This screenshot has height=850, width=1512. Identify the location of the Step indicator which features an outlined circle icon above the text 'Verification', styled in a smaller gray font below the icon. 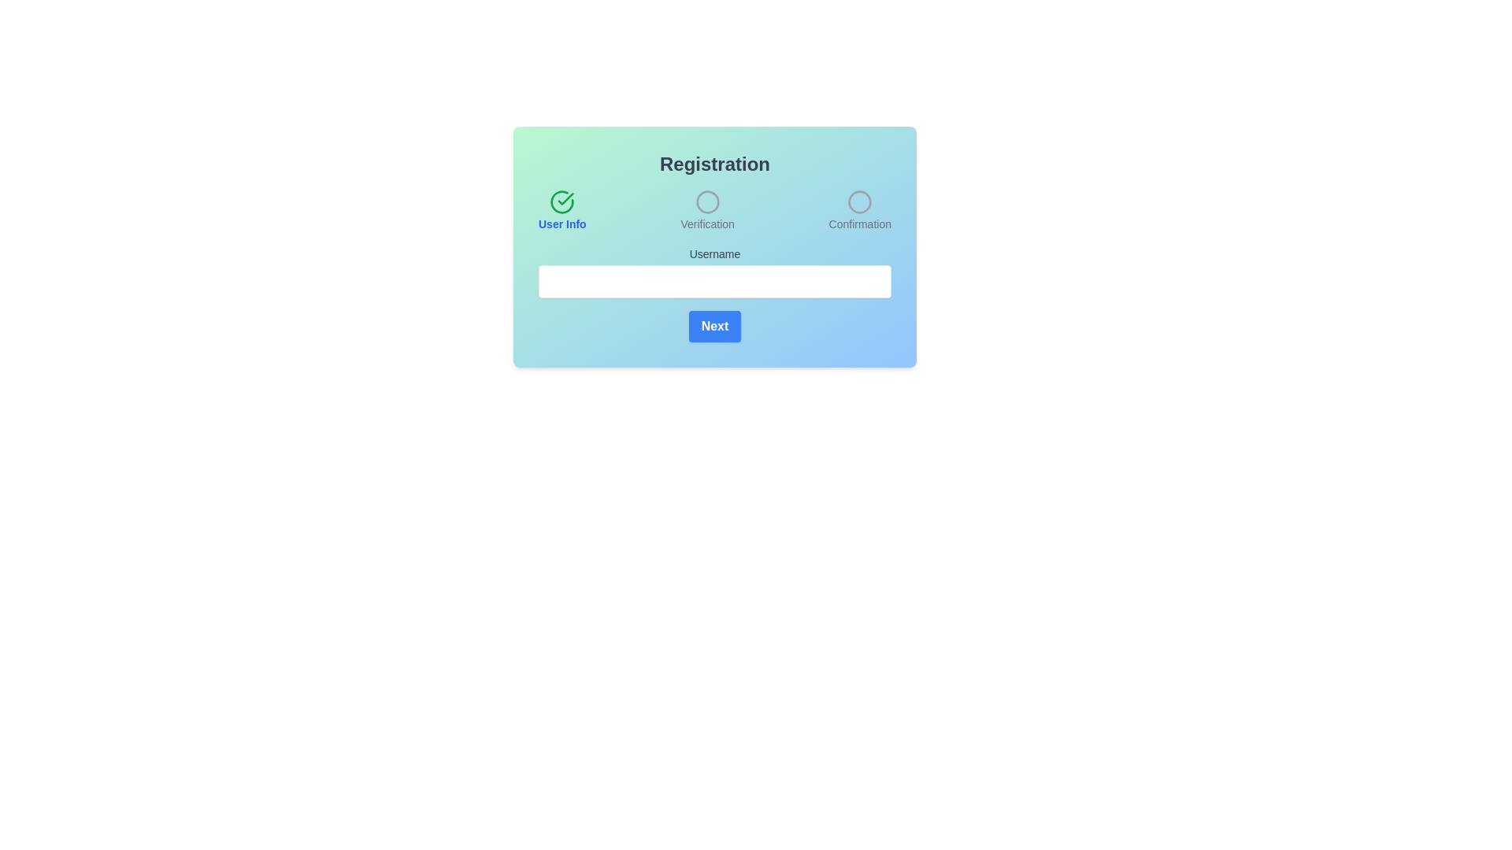
(706, 211).